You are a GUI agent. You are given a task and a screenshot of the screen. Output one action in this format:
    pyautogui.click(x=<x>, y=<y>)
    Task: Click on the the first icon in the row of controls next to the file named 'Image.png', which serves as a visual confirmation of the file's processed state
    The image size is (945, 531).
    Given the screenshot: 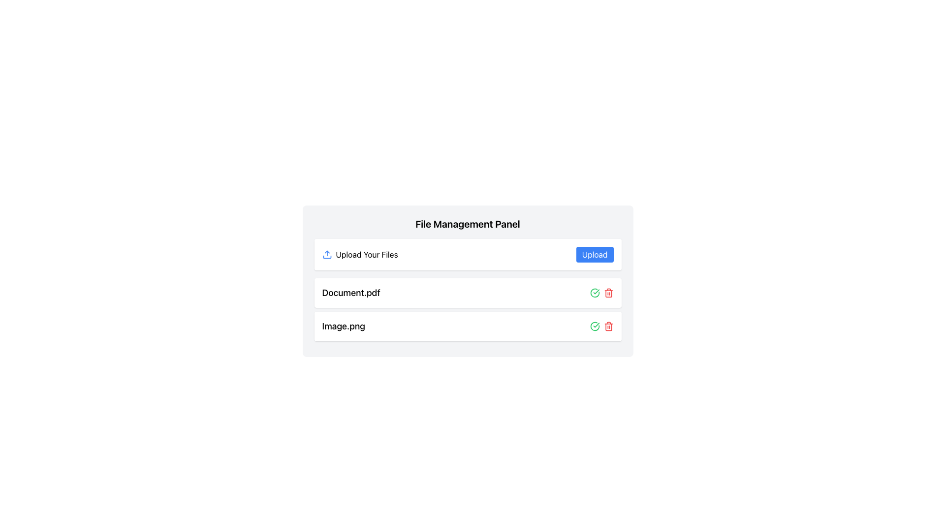 What is the action you would take?
    pyautogui.click(x=594, y=293)
    